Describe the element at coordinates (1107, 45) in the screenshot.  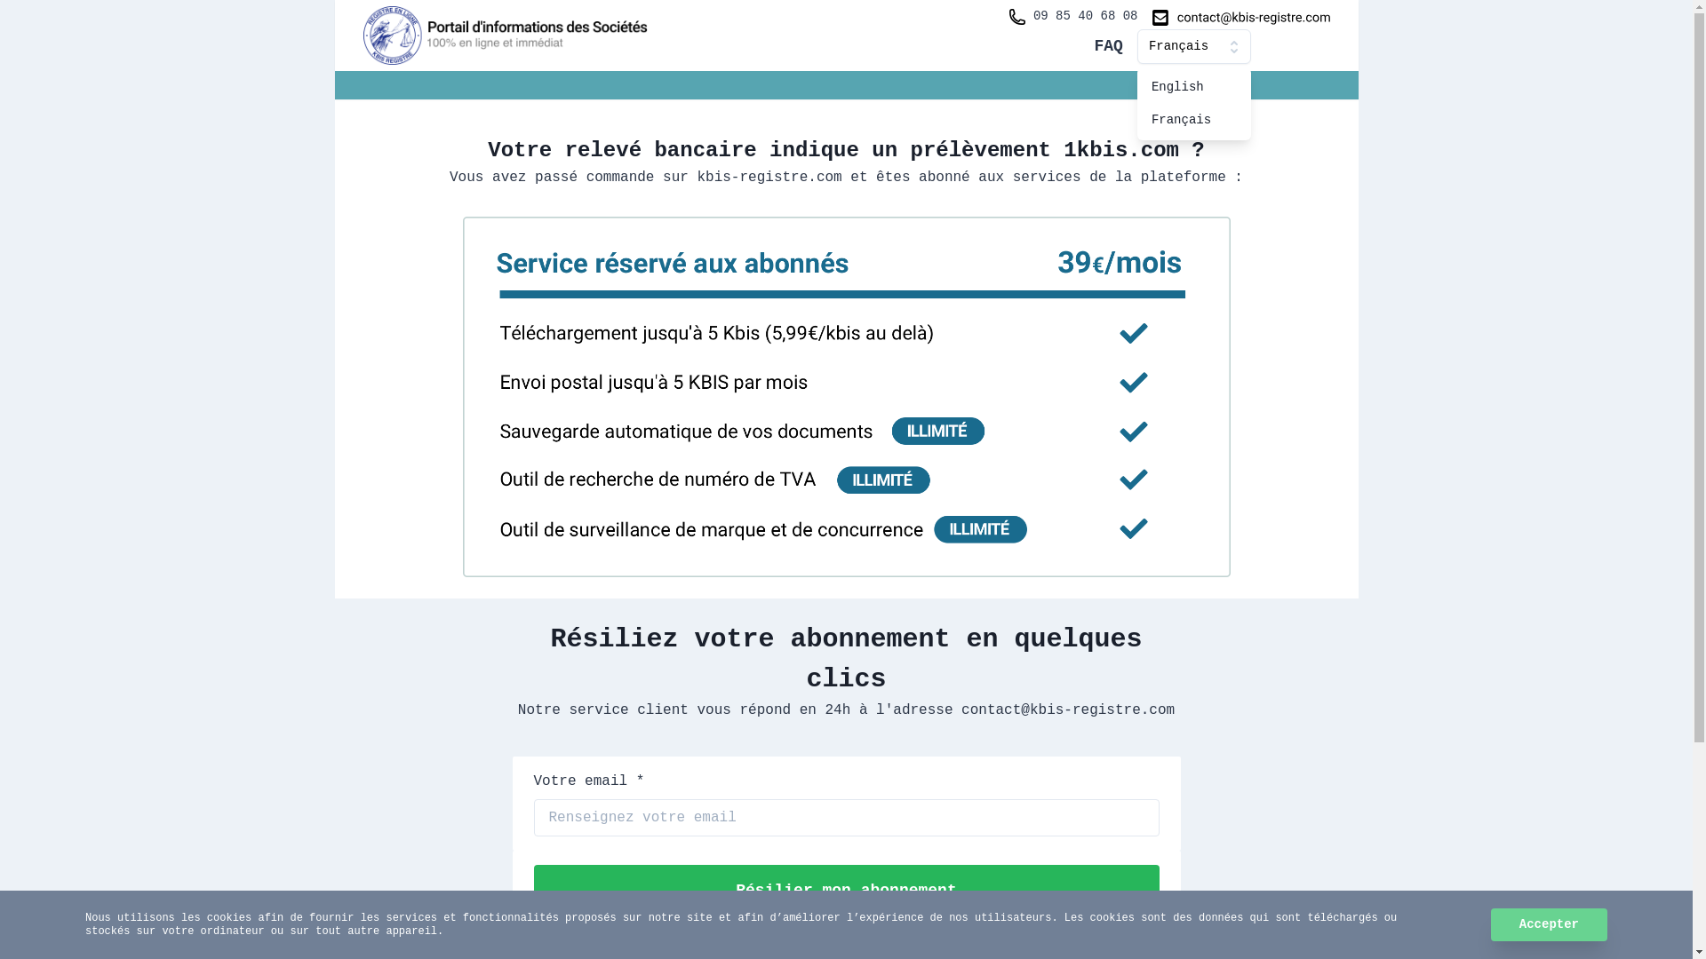
I see `'FAQ'` at that location.